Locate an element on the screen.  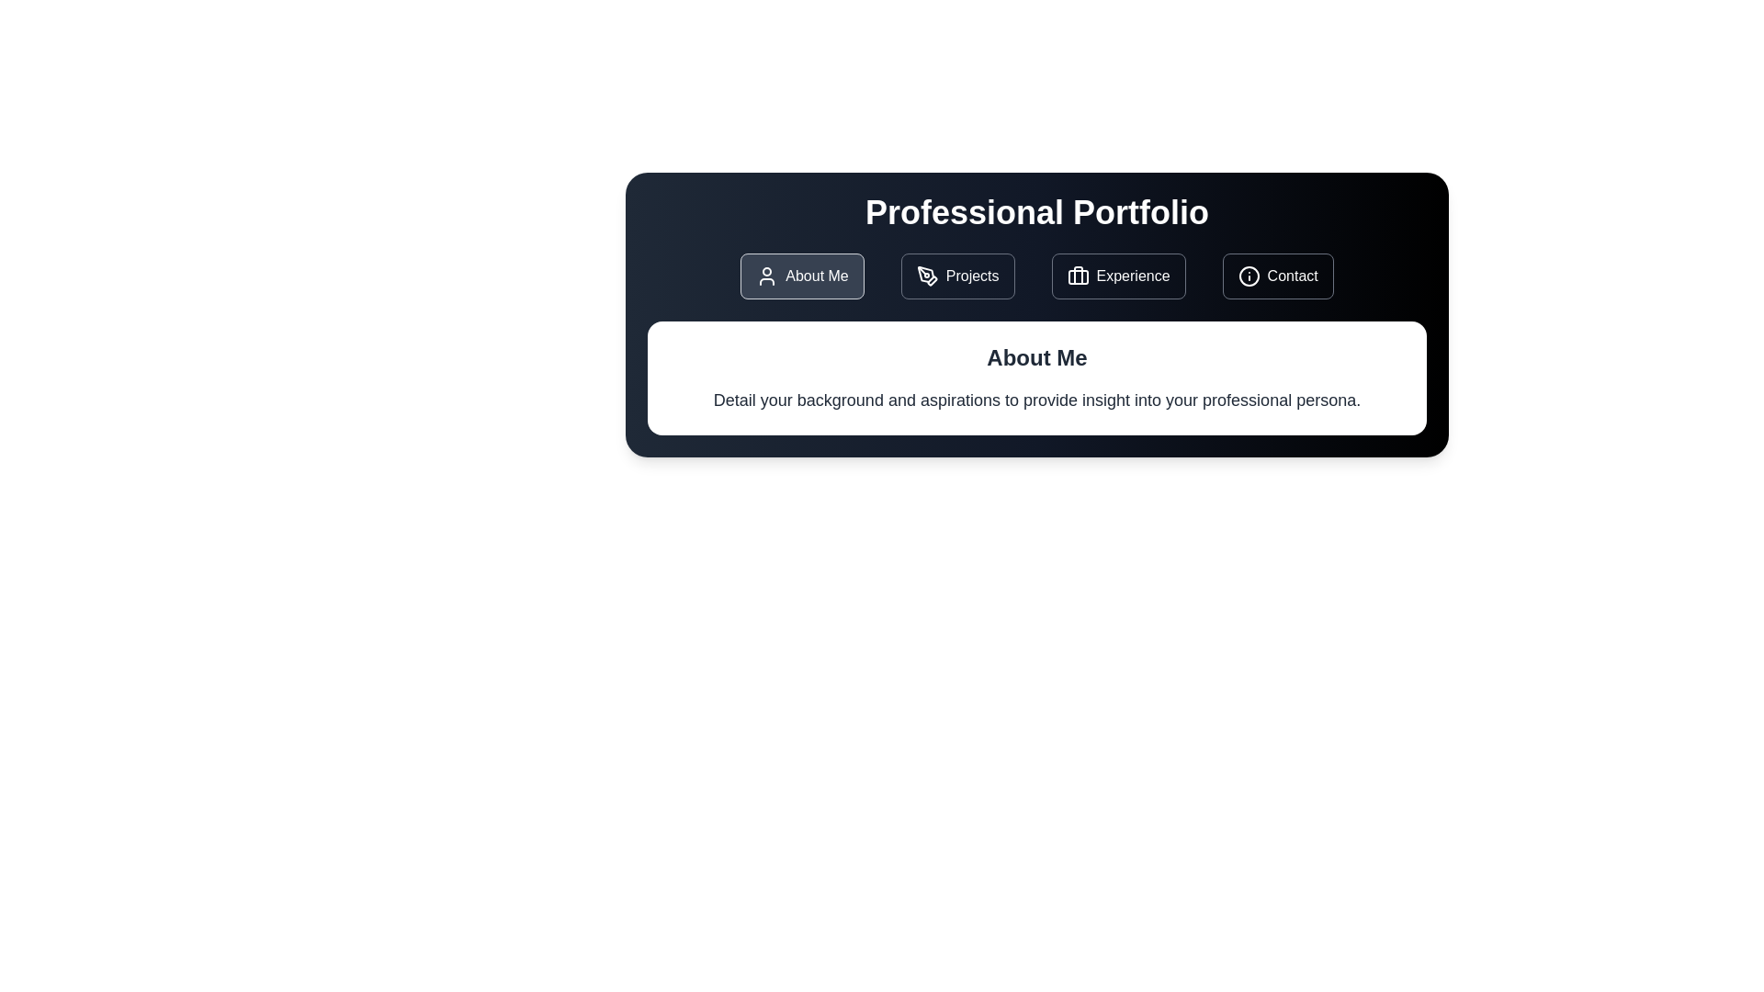
the 'About Me' button, which is the first button in a group of four, featuring a person silhouette icon and white text on a dark gray background is located at coordinates (802, 276).